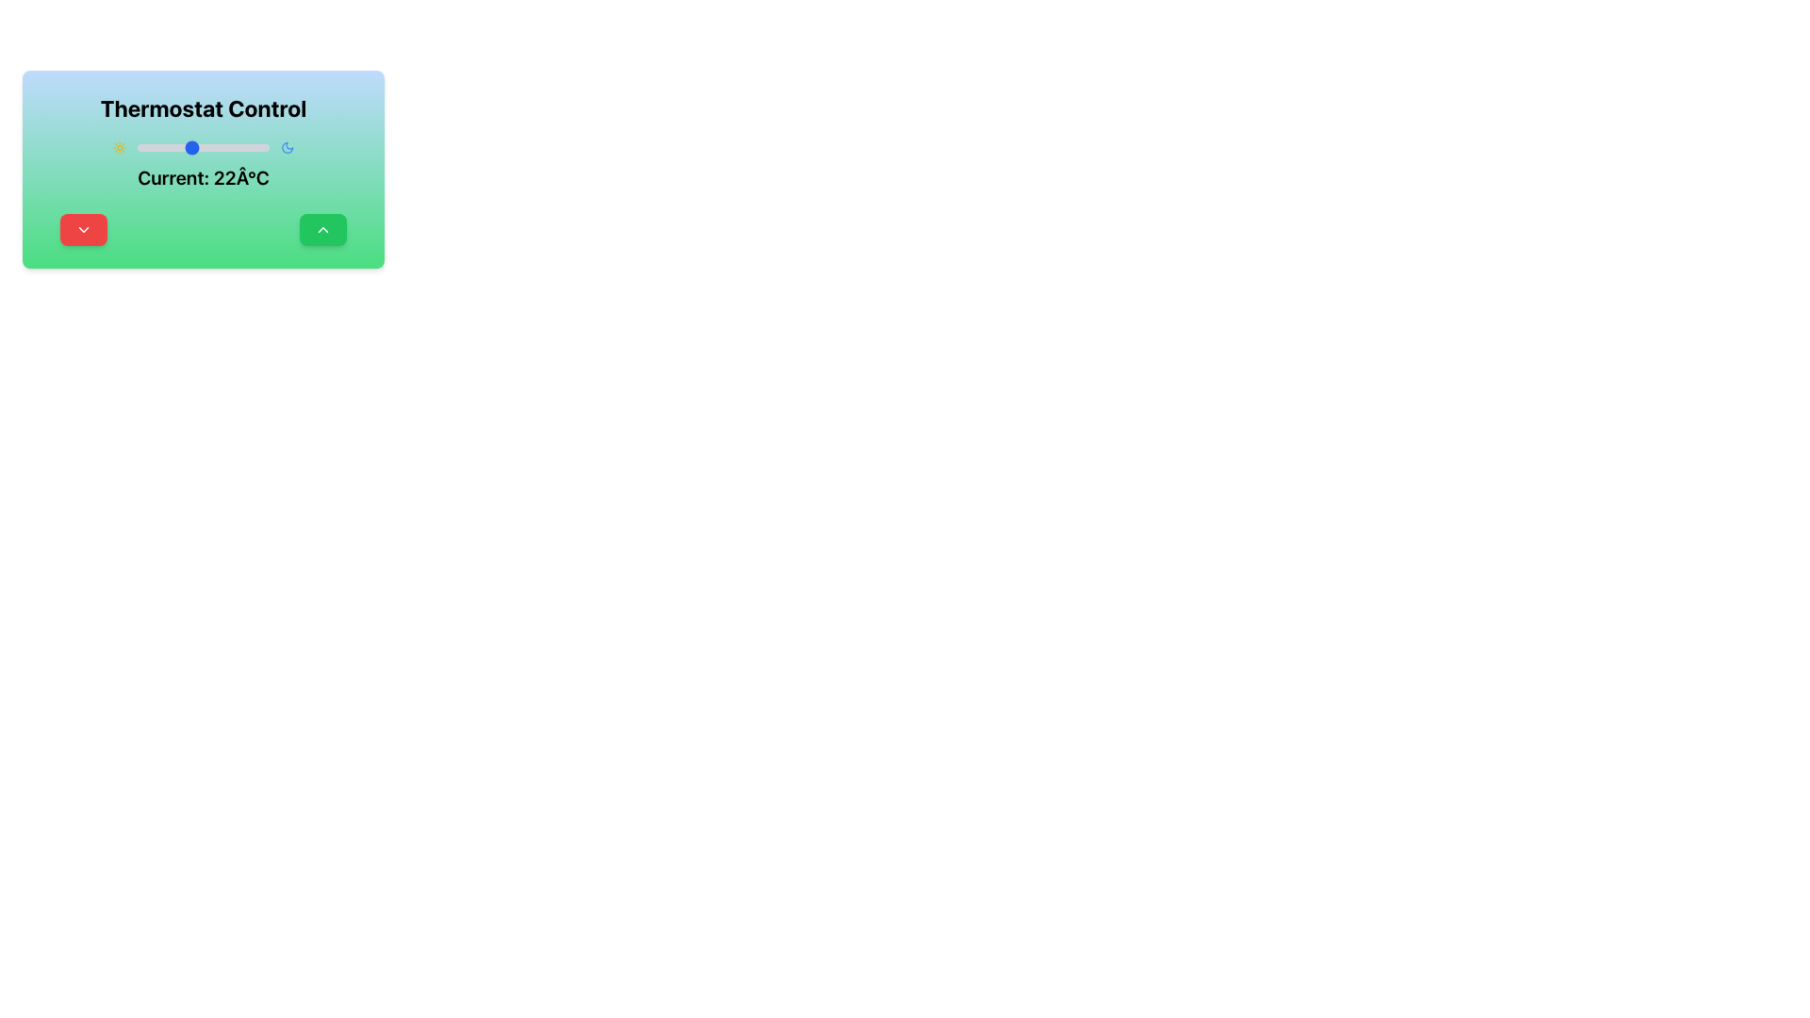  What do you see at coordinates (217, 147) in the screenshot?
I see `thermostat temperature` at bounding box center [217, 147].